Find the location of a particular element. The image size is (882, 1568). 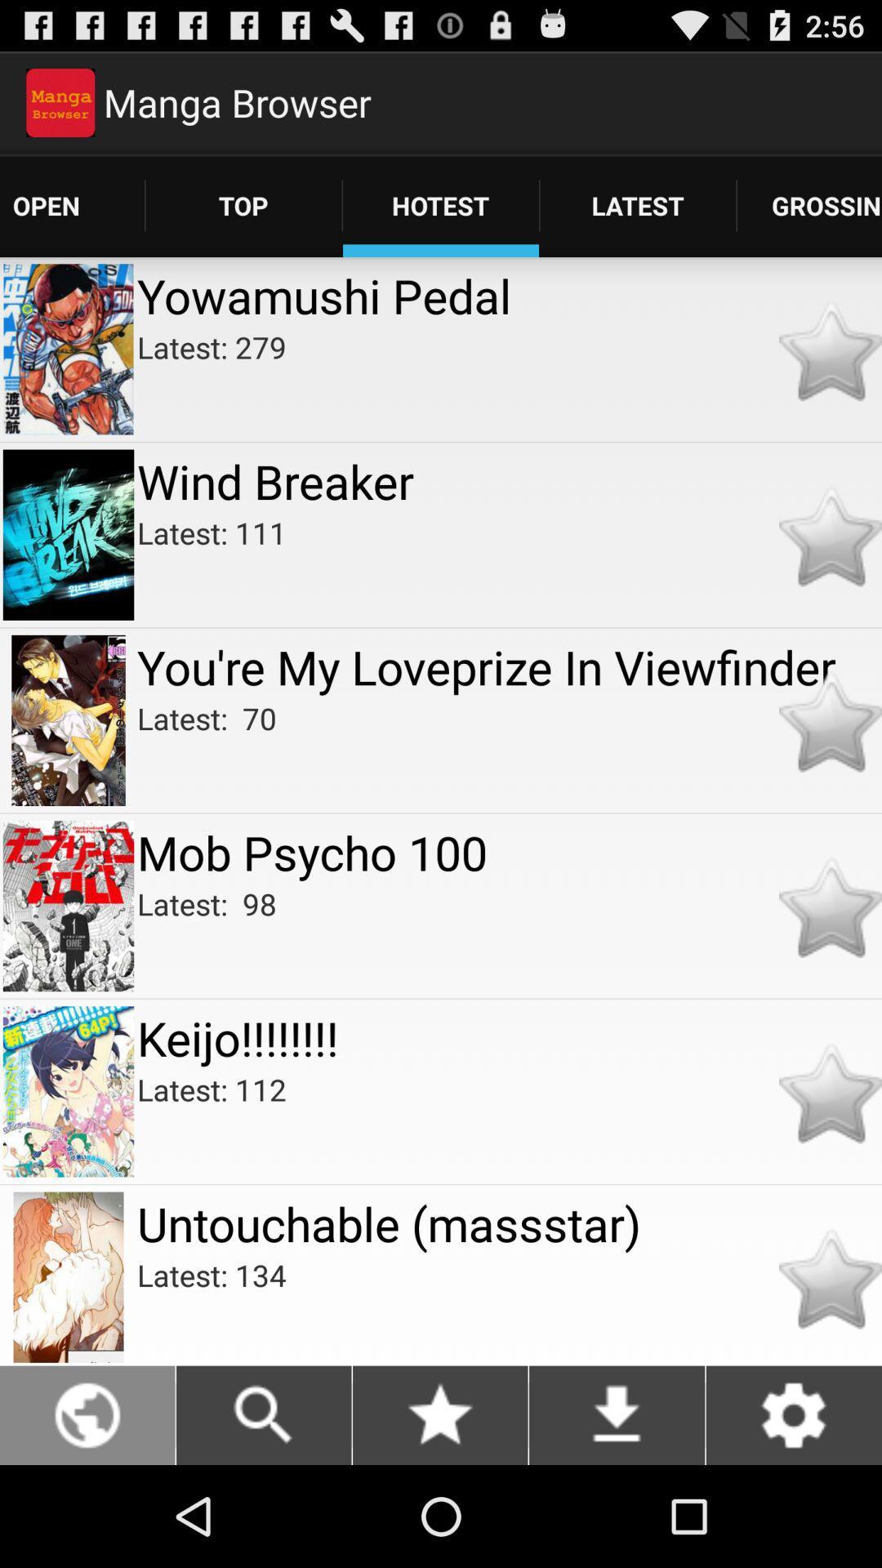

the item above latest: 279 icon is located at coordinates (509, 295).